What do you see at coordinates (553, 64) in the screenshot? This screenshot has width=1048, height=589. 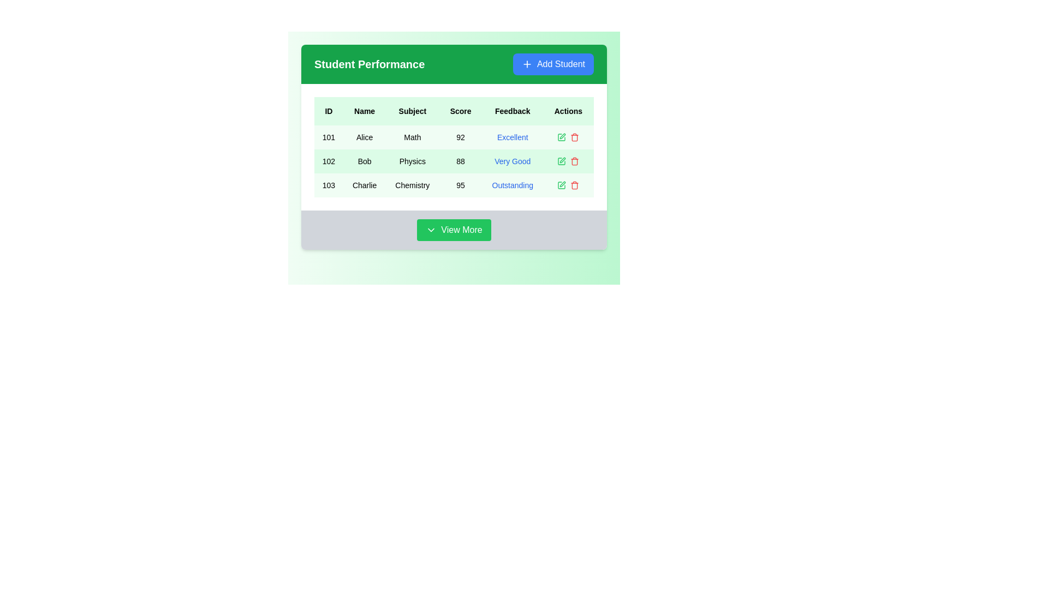 I see `the blue 'Add Student' button with a white '+' icon` at bounding box center [553, 64].